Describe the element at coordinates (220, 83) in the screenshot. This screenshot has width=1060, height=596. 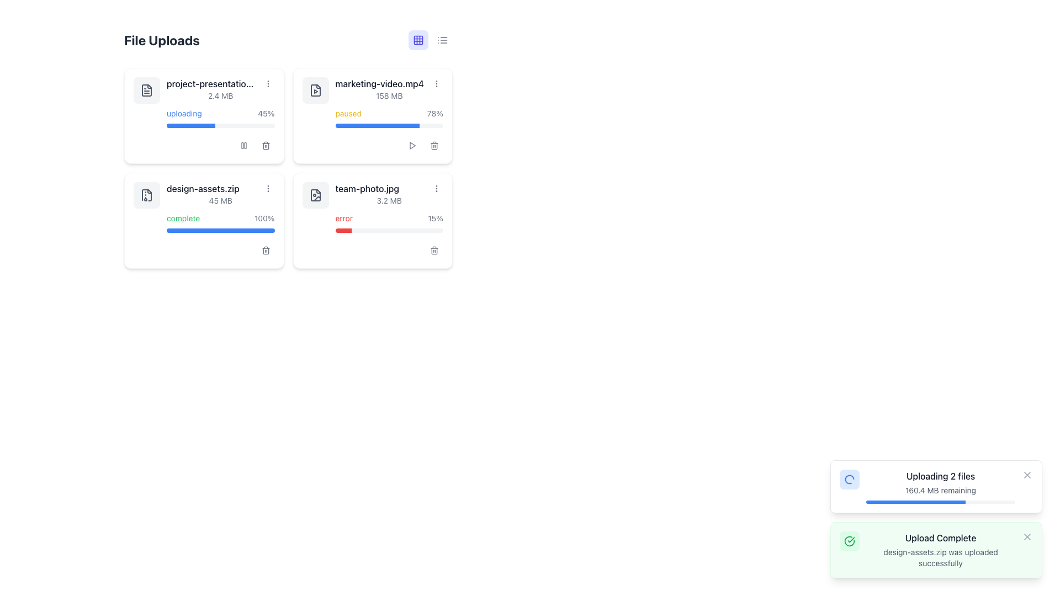
I see `the text label displaying 'project-presentation.pptx'` at that location.